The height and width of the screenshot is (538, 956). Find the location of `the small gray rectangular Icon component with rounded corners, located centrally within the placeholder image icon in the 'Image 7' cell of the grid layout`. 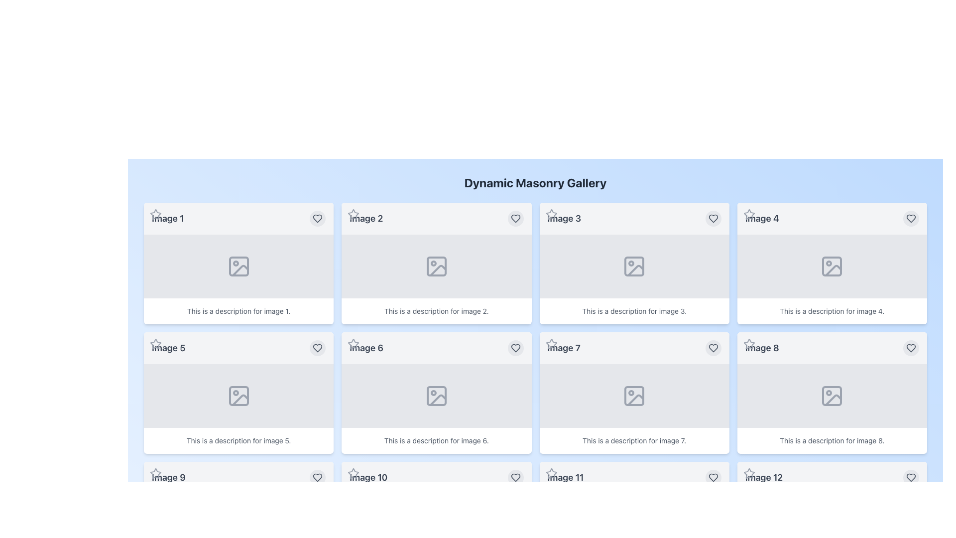

the small gray rectangular Icon component with rounded corners, located centrally within the placeholder image icon in the 'Image 7' cell of the grid layout is located at coordinates (634, 395).